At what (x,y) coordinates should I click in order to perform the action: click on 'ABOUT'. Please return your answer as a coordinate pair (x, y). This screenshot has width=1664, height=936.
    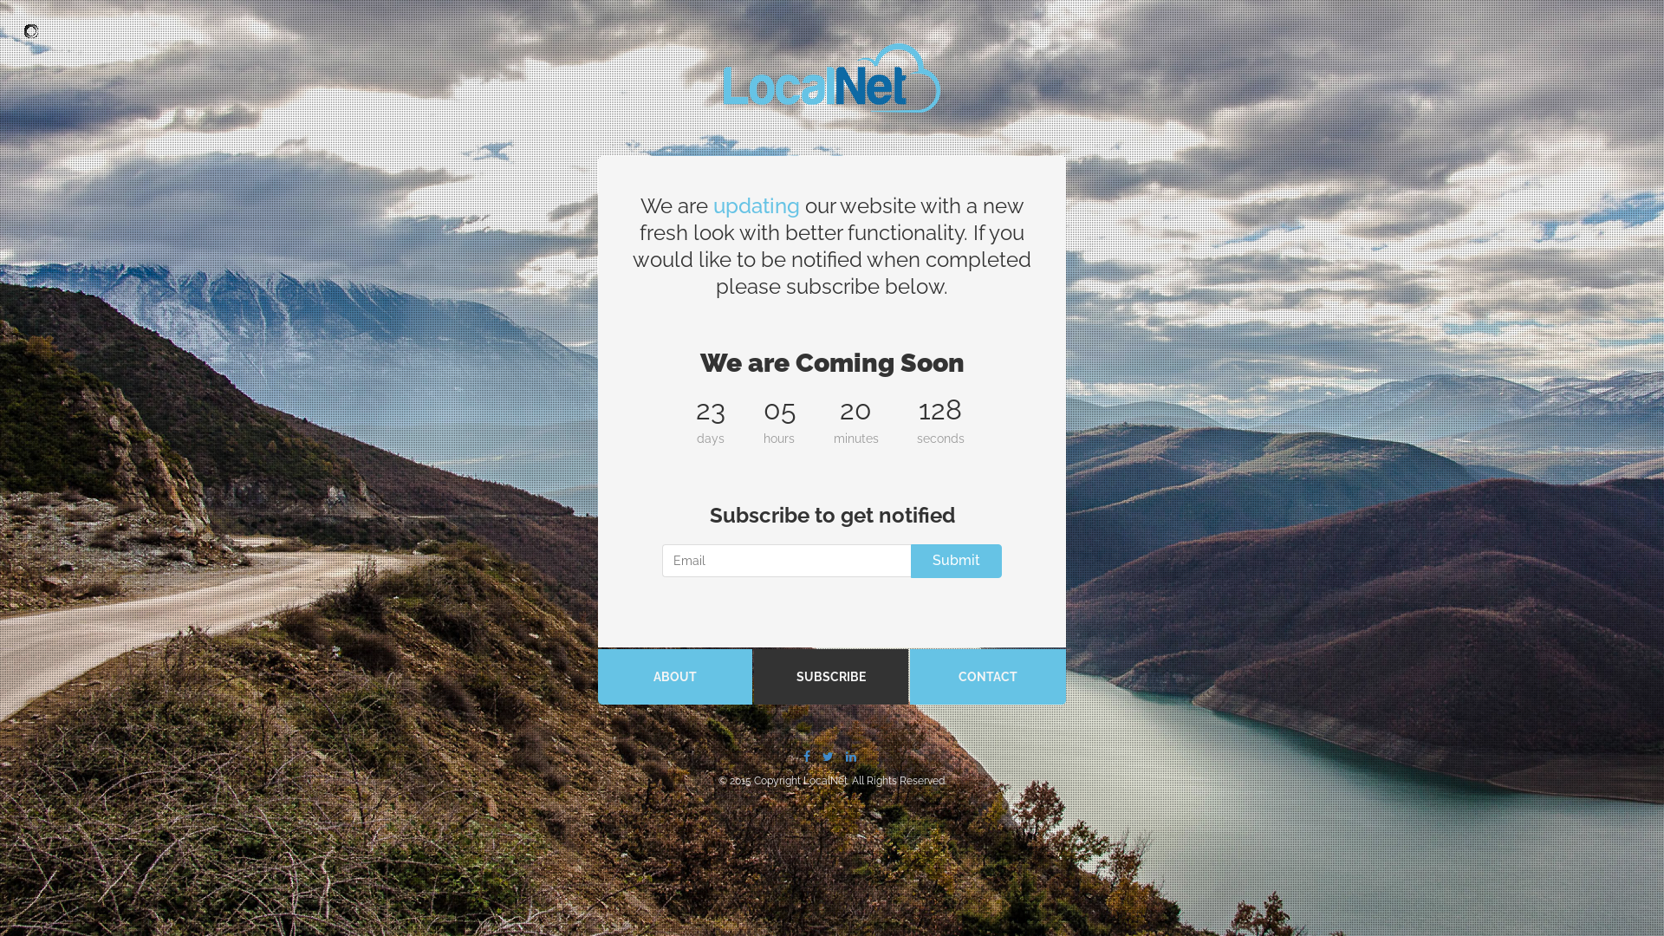
    Looking at the image, I should click on (673, 675).